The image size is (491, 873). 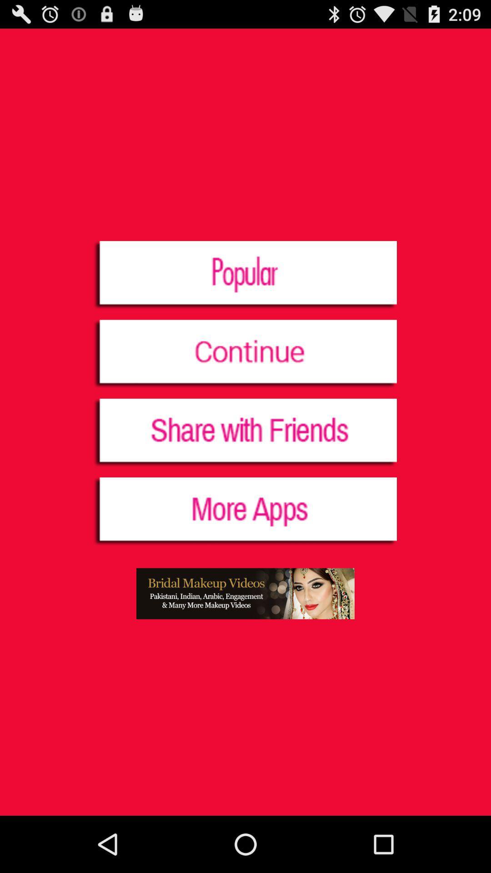 What do you see at coordinates (245, 432) in the screenshot?
I see `share with friends` at bounding box center [245, 432].